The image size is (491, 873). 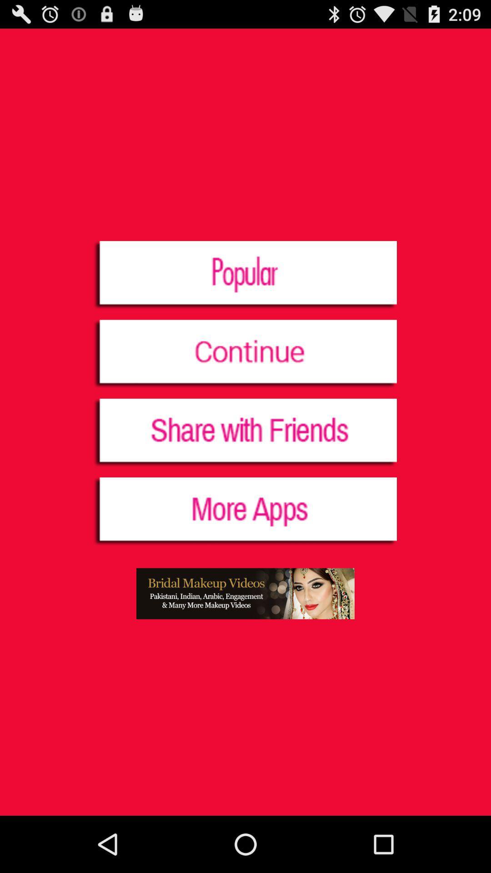 What do you see at coordinates (245, 432) in the screenshot?
I see `share with friends` at bounding box center [245, 432].